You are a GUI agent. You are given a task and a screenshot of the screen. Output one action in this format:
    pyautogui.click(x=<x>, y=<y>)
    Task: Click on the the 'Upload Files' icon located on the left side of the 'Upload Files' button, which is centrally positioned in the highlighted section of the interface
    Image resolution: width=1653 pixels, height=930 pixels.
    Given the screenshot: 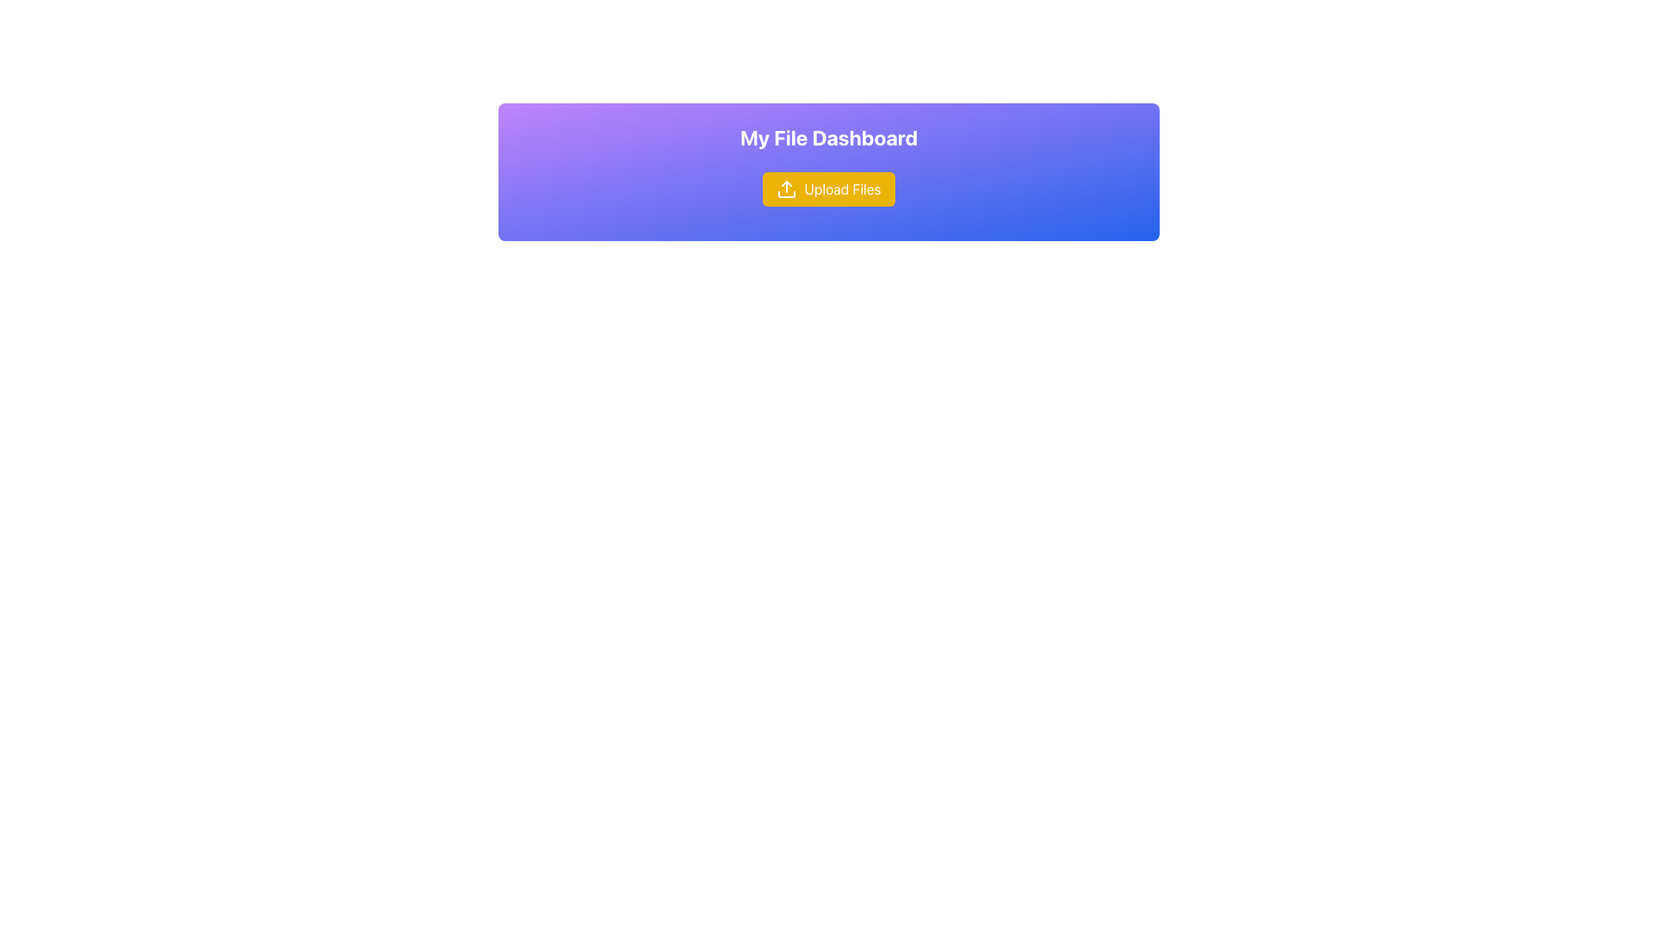 What is the action you would take?
    pyautogui.click(x=786, y=189)
    